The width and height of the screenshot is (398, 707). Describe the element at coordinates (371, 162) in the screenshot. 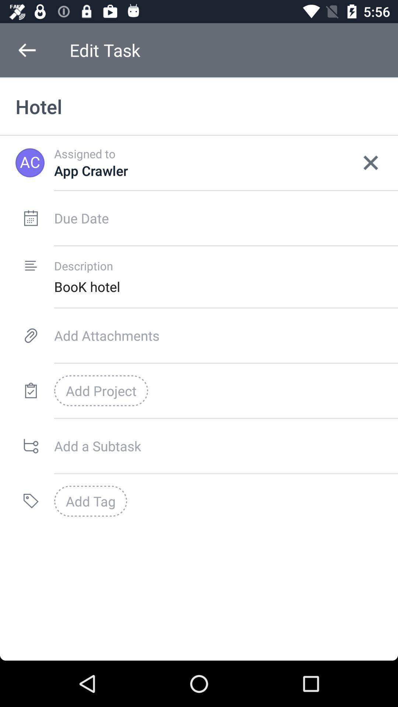

I see `the item above book hotel icon` at that location.